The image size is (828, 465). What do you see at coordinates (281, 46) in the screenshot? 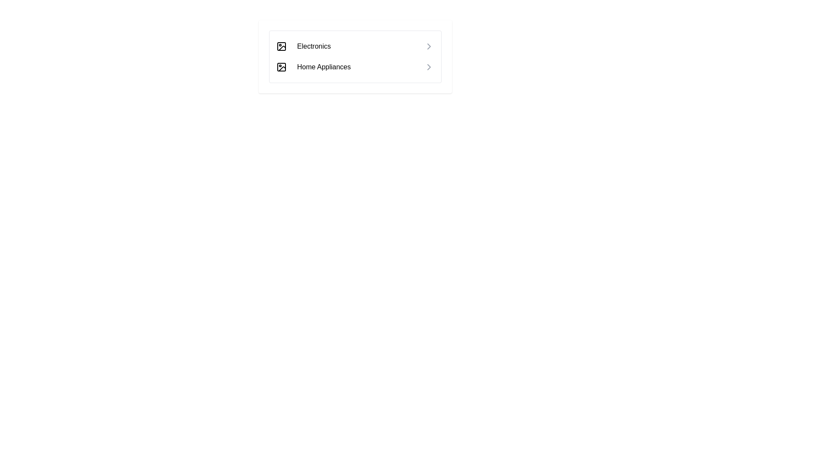
I see `the first icon resembling an image frame with a sun or camera flash design, located to the left of the 'Electronics' label in the vertical list of categories` at bounding box center [281, 46].